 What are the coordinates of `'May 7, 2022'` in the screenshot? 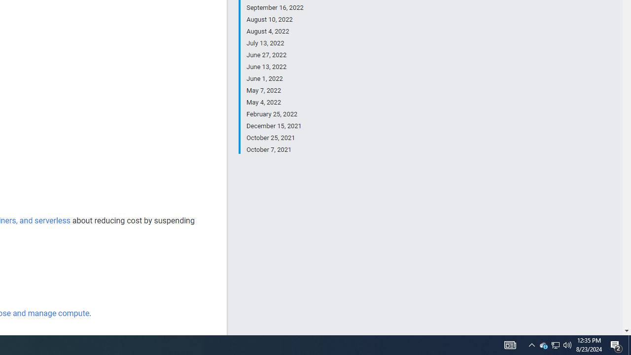 It's located at (275, 90).